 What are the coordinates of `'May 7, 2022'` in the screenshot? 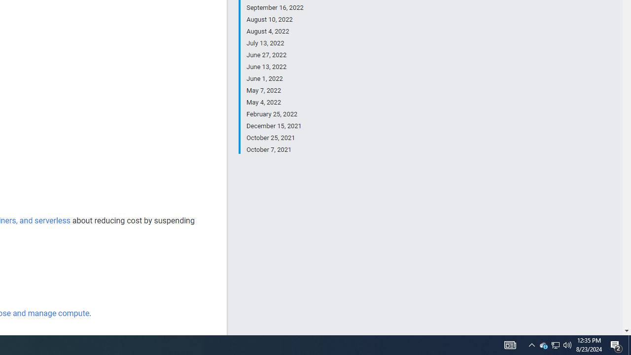 It's located at (275, 90).